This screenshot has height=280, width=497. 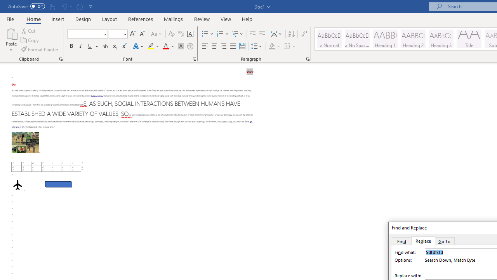 What do you see at coordinates (412, 39) in the screenshot?
I see `'Heading 2'` at bounding box center [412, 39].